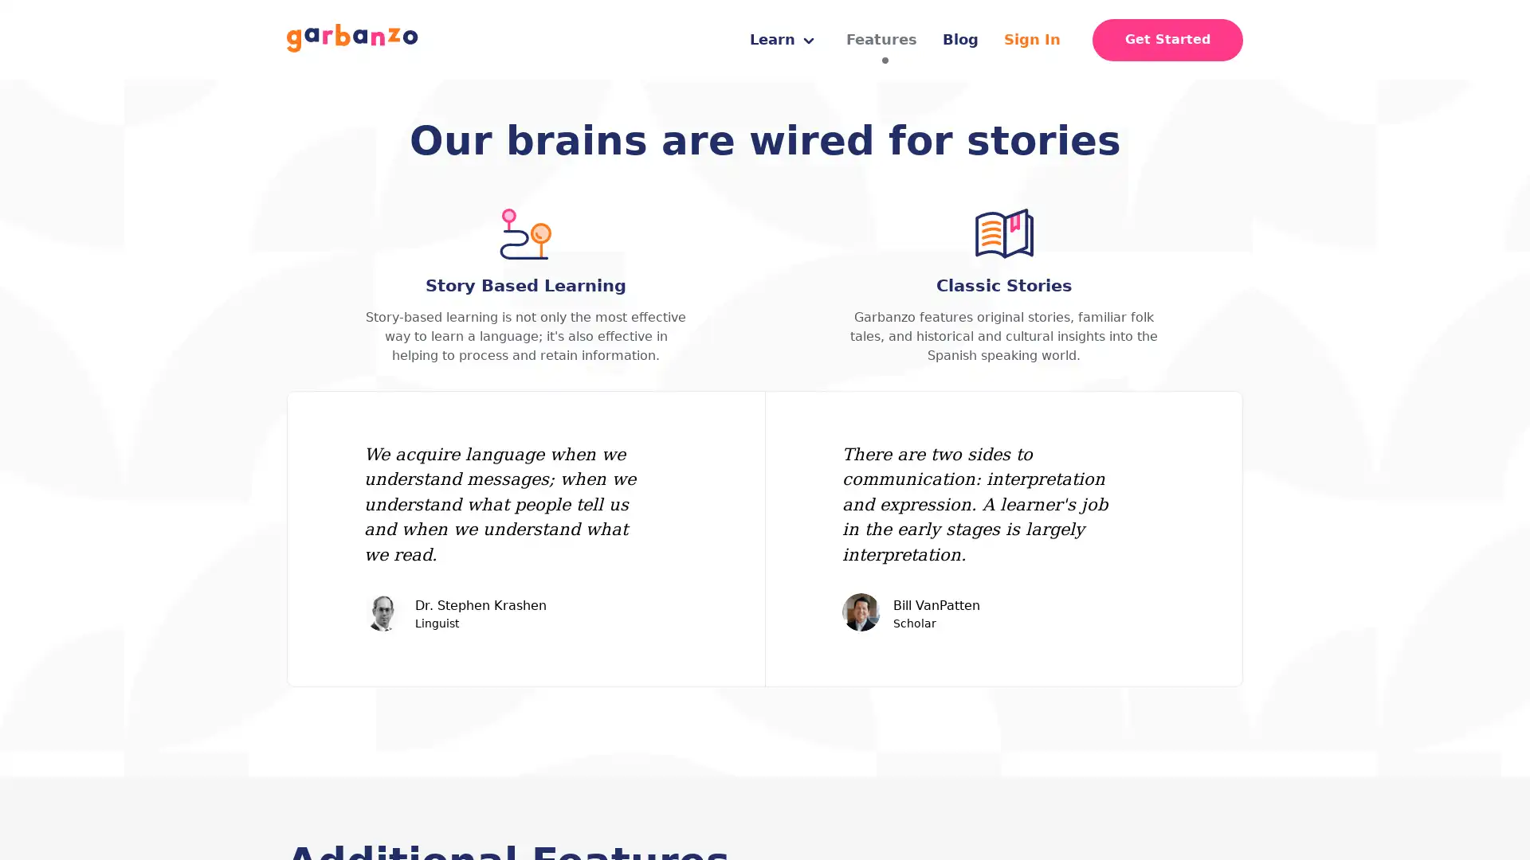 This screenshot has height=860, width=1530. Describe the element at coordinates (782, 39) in the screenshot. I see `Learn` at that location.